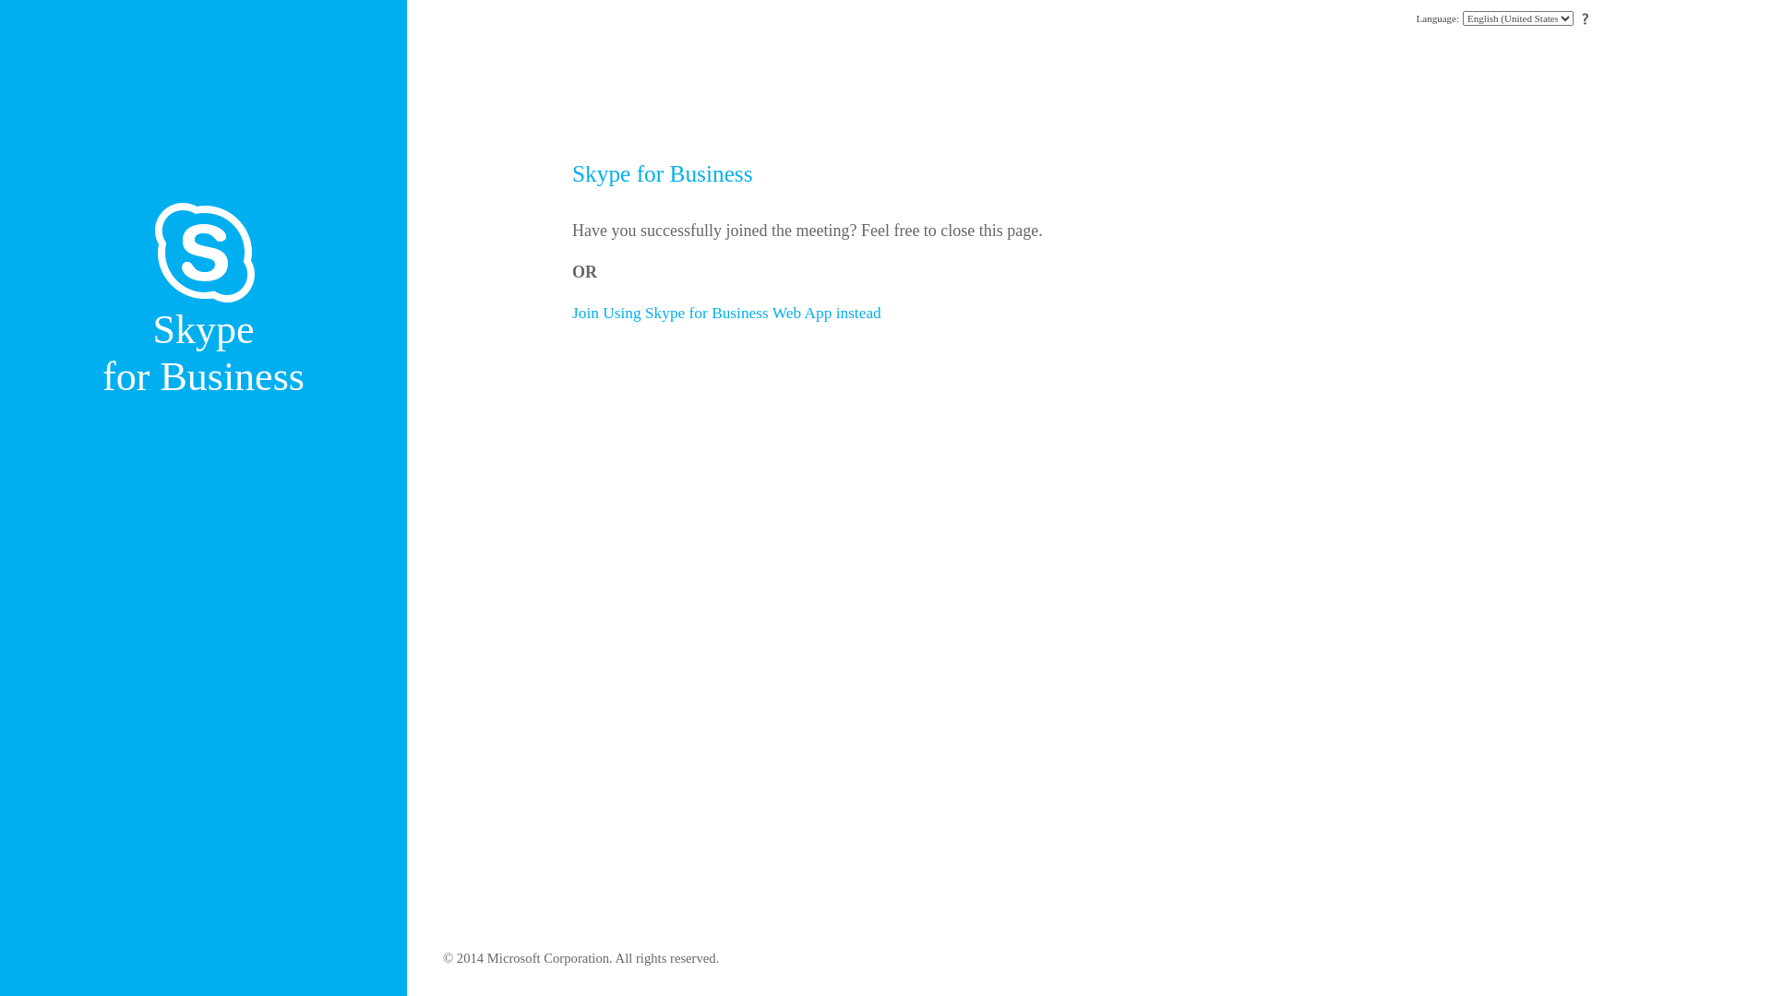 The height and width of the screenshot is (996, 1772). Describe the element at coordinates (725, 312) in the screenshot. I see `'Join Using Skype for Business Web App instead'` at that location.